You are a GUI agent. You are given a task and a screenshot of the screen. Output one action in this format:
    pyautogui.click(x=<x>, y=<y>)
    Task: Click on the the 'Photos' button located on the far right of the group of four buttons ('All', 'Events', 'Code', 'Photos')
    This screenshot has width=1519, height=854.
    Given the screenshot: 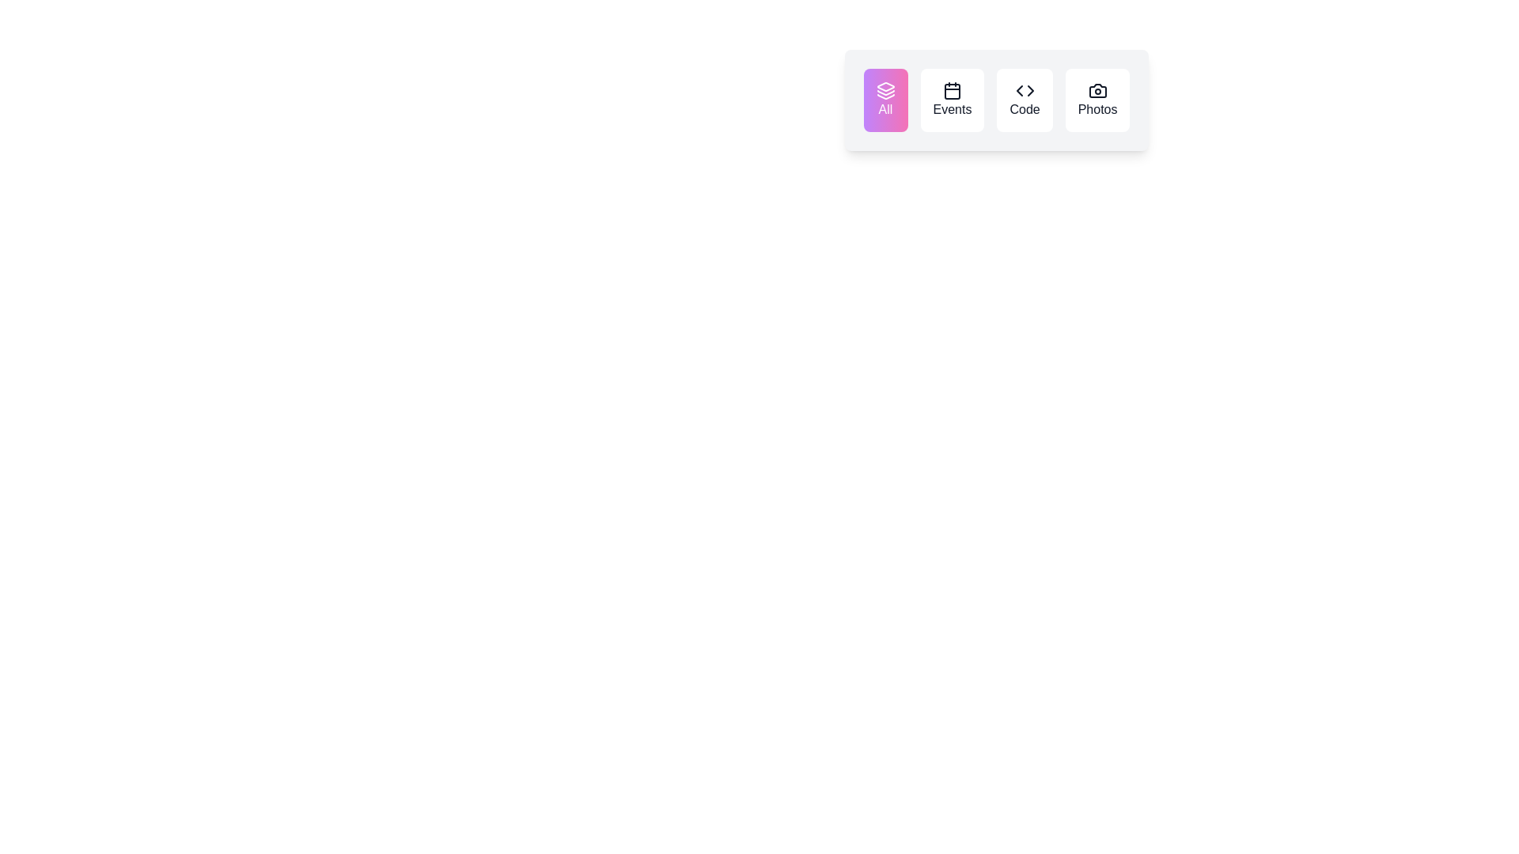 What is the action you would take?
    pyautogui.click(x=1097, y=100)
    